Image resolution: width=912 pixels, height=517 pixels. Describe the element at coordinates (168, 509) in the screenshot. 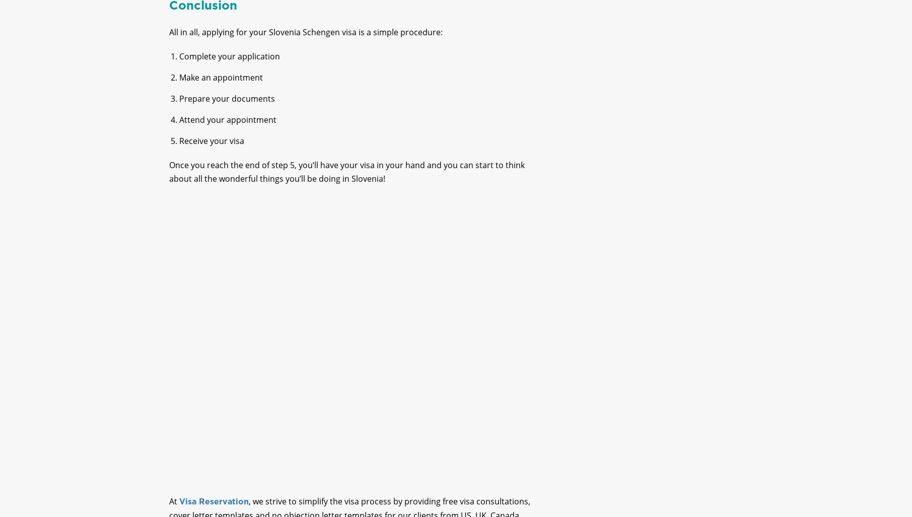

I see `'At'` at that location.